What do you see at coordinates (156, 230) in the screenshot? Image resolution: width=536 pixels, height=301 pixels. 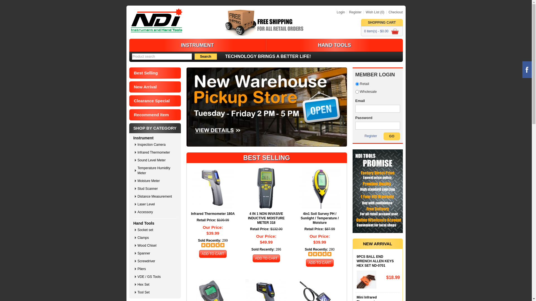 I see `'Socket set'` at bounding box center [156, 230].